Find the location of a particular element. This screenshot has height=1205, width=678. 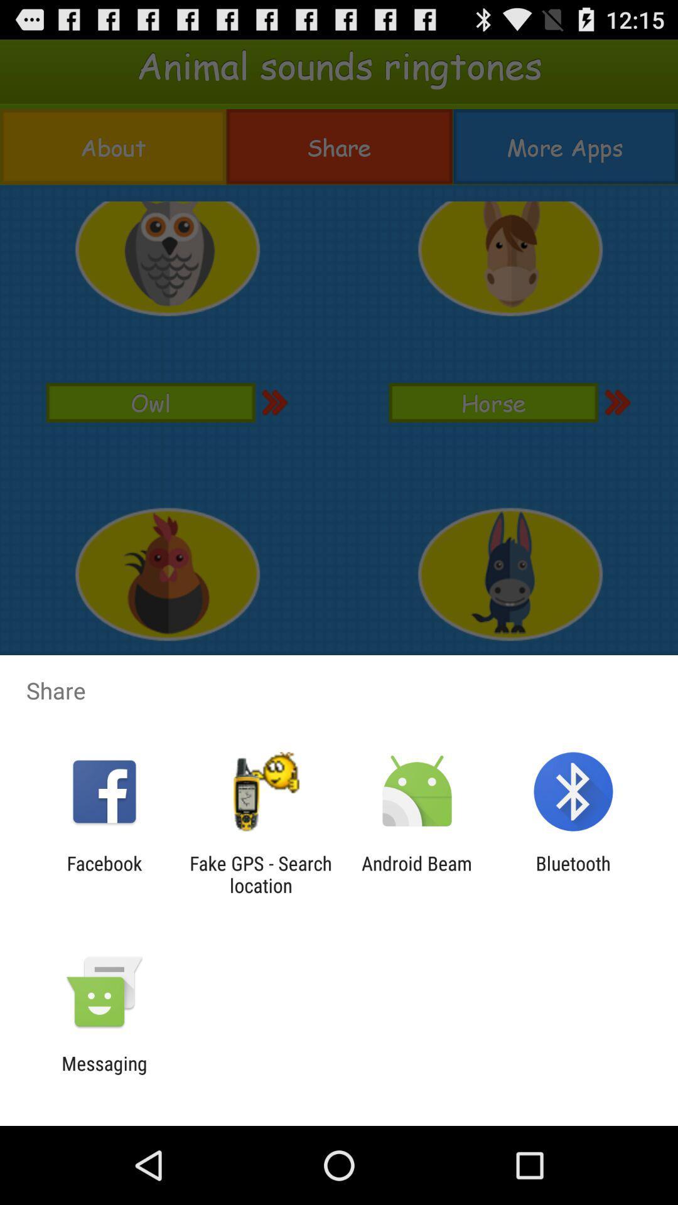

the bluetooth at the bottom right corner is located at coordinates (573, 874).